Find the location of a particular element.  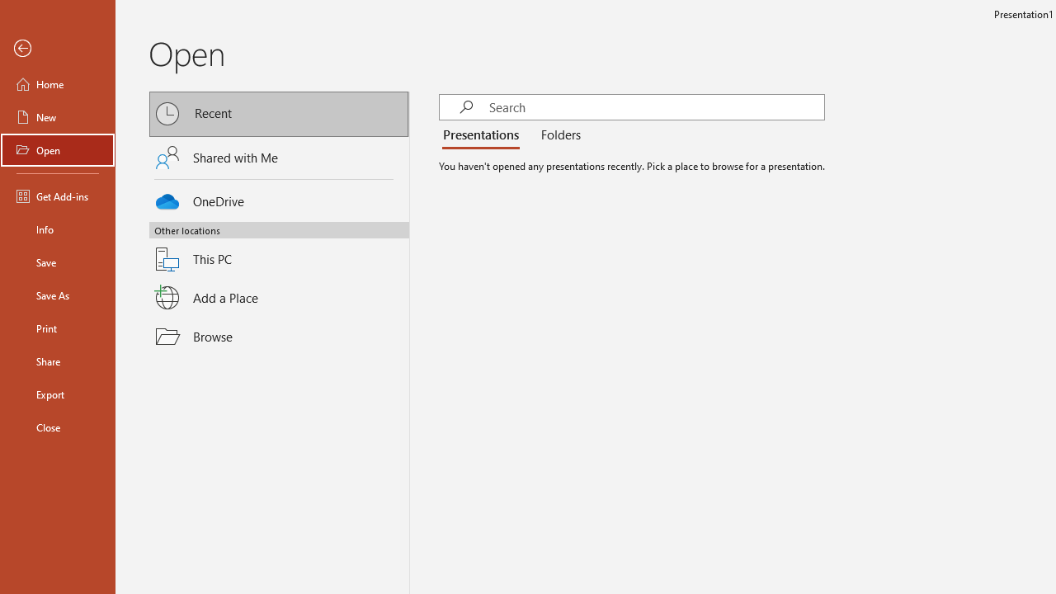

'Recent' is located at coordinates (279, 113).